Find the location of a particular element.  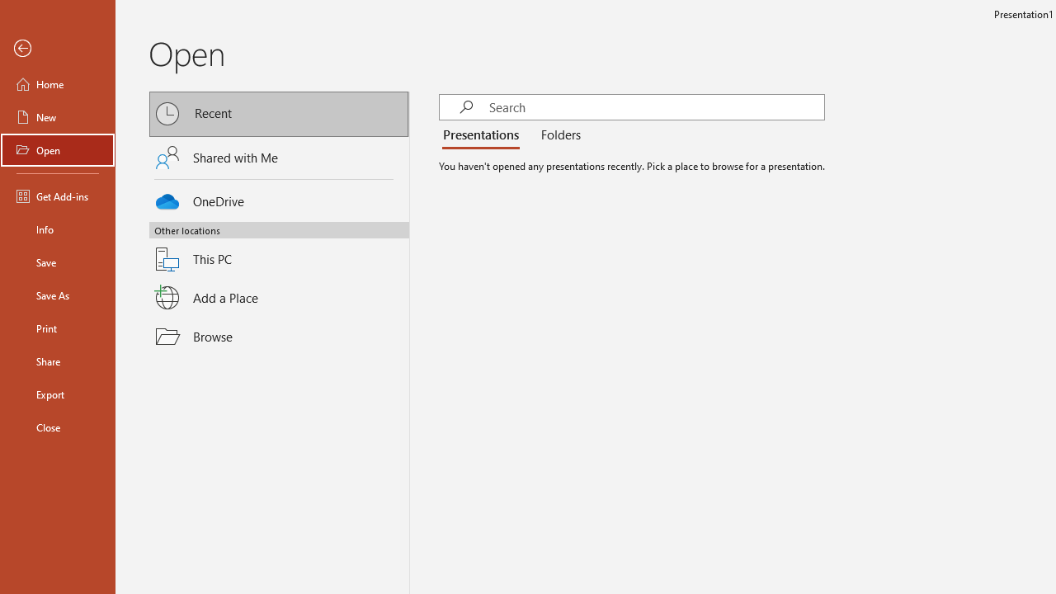

'Recent' is located at coordinates (279, 113).